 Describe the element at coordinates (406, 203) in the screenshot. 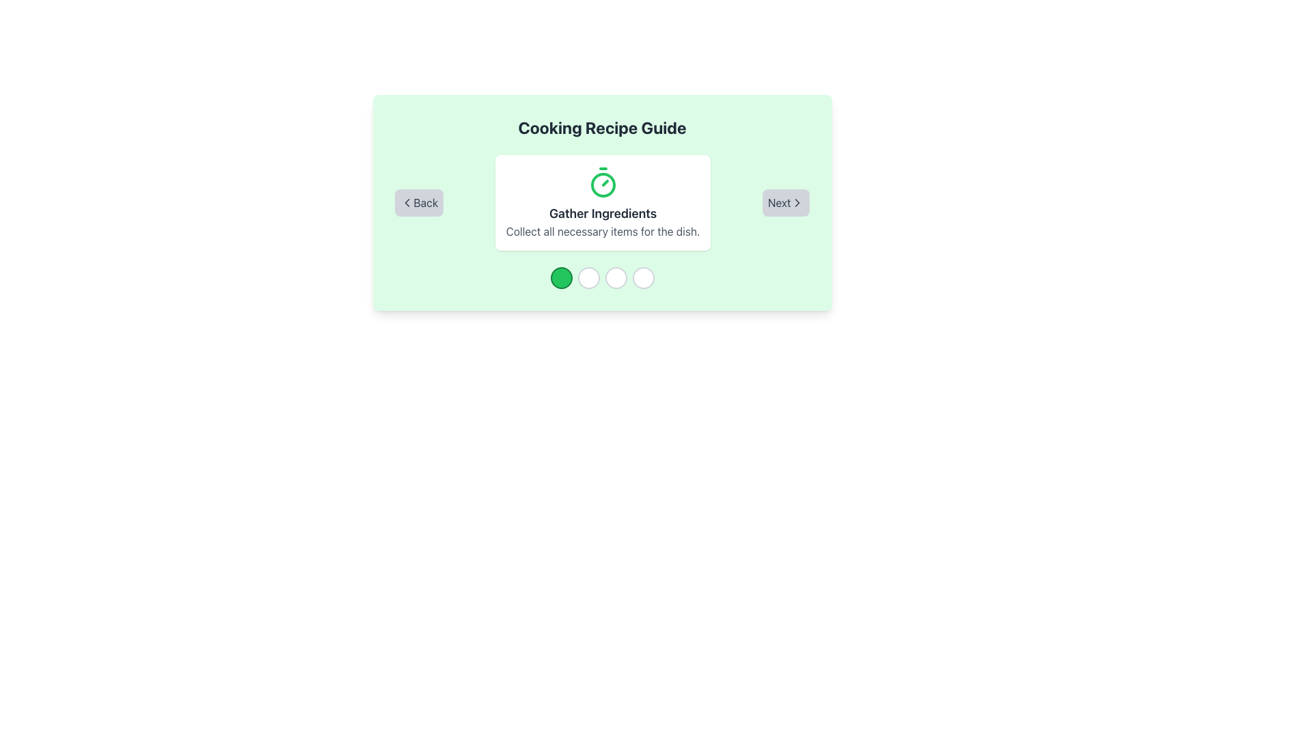

I see `the chevron pointing left icon located within the 'Back' navigation button at the bottom left of the center card` at that location.